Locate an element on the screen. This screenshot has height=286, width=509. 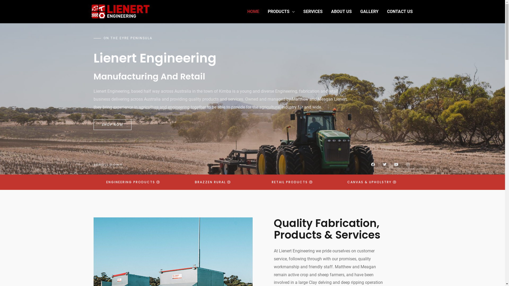
'RETAIL PRODUCTS' is located at coordinates (292, 182).